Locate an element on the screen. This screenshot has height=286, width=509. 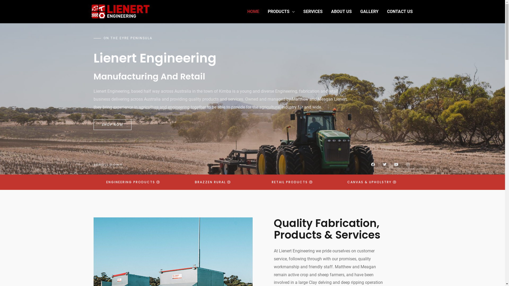
'RETAIL PRODUCTS' is located at coordinates (292, 182).